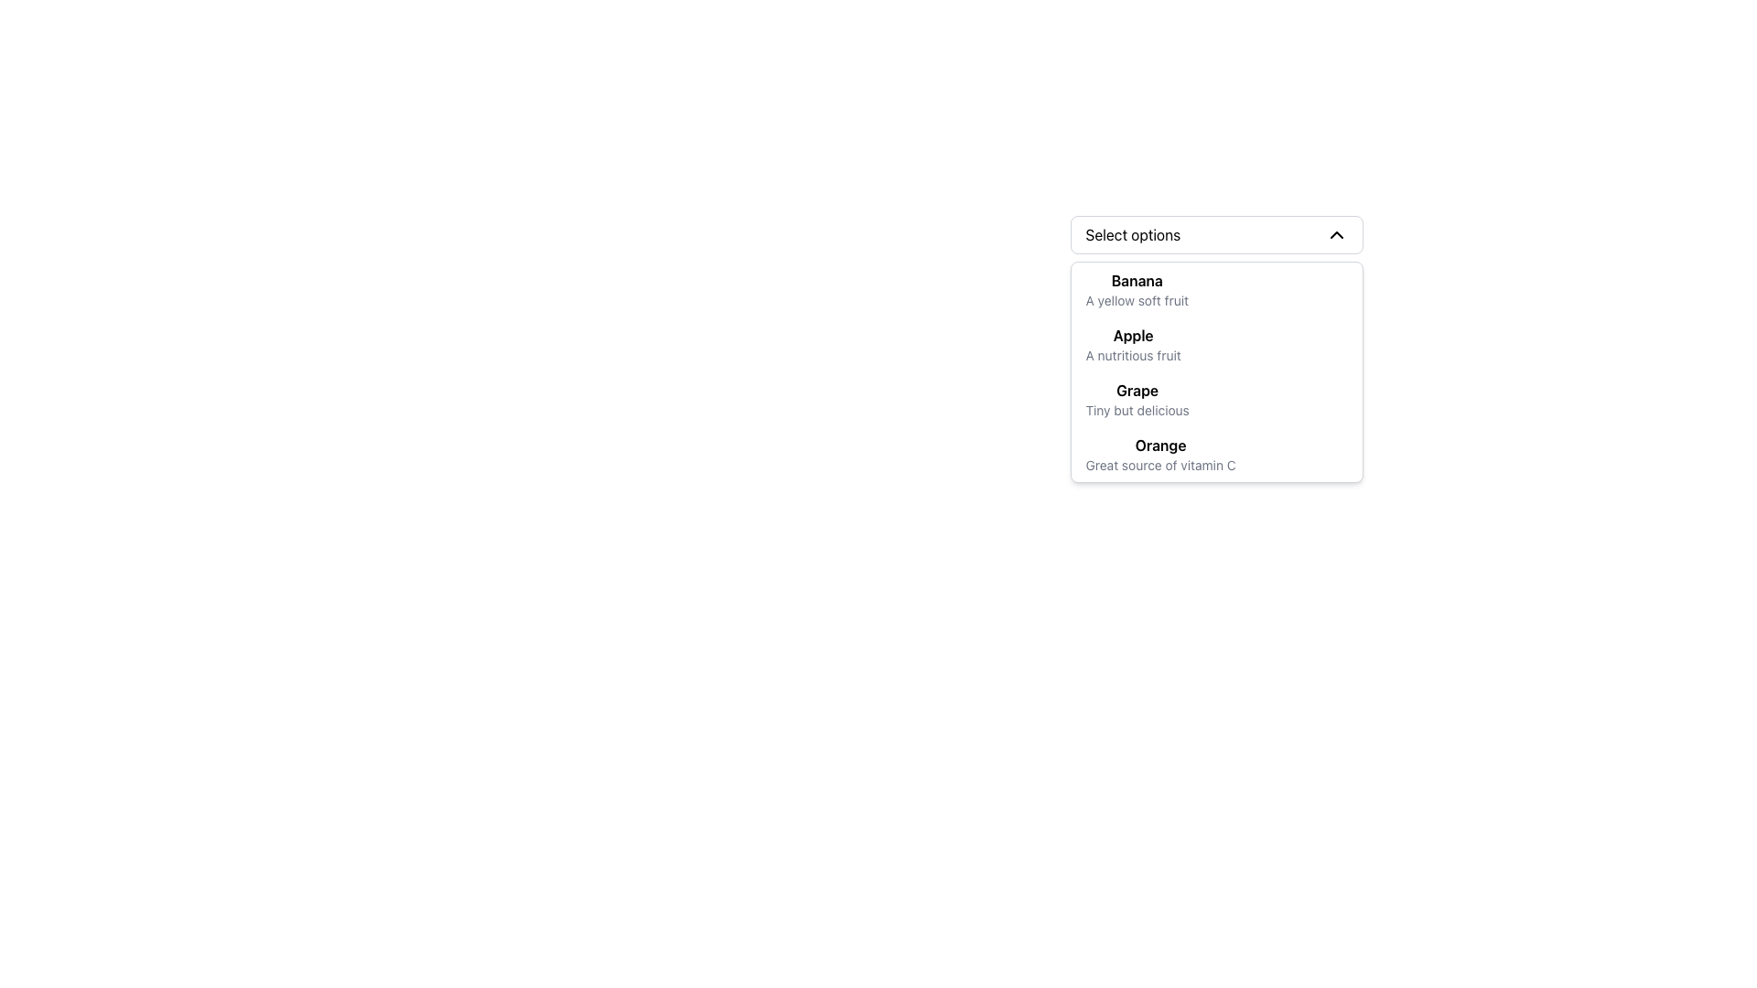 This screenshot has width=1757, height=988. What do you see at coordinates (1159, 454) in the screenshot?
I see `the 'Orange' selection in the dropdown list, which is the fourth option below 'Grape'` at bounding box center [1159, 454].